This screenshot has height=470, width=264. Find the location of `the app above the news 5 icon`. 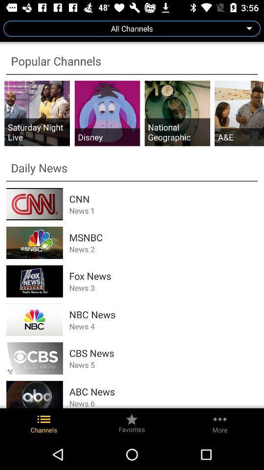

the app above the news 5 icon is located at coordinates (163, 352).